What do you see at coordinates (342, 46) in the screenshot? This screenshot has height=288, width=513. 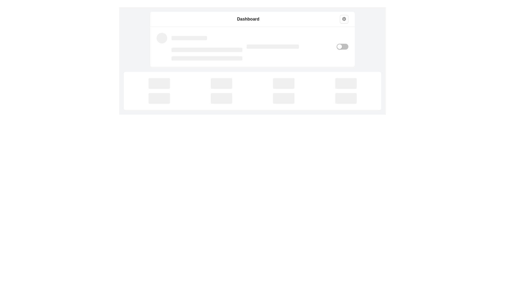 I see `the toggle switch located on the far right of the horizontal row` at bounding box center [342, 46].